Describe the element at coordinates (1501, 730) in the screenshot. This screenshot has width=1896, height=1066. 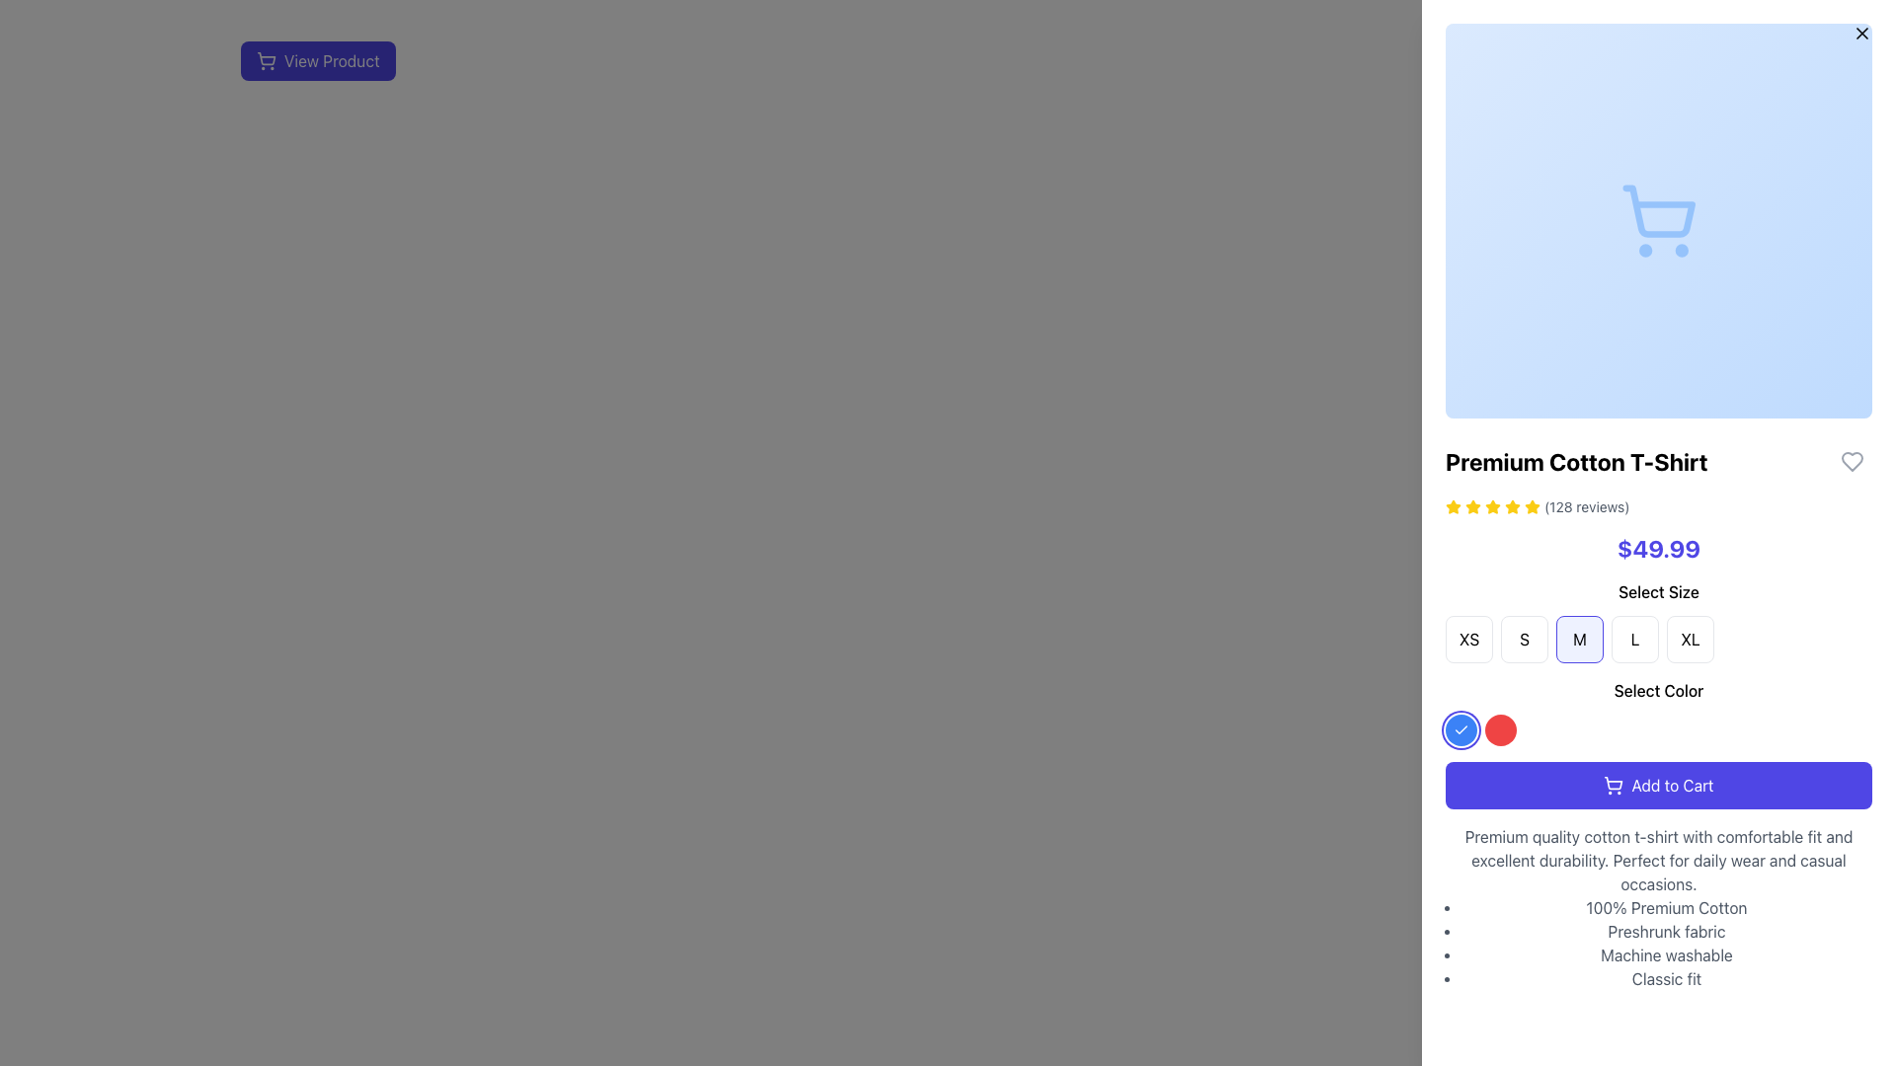
I see `the third circular button in the 'Select Color' section, which allows the user to select the red color option for the product` at that location.